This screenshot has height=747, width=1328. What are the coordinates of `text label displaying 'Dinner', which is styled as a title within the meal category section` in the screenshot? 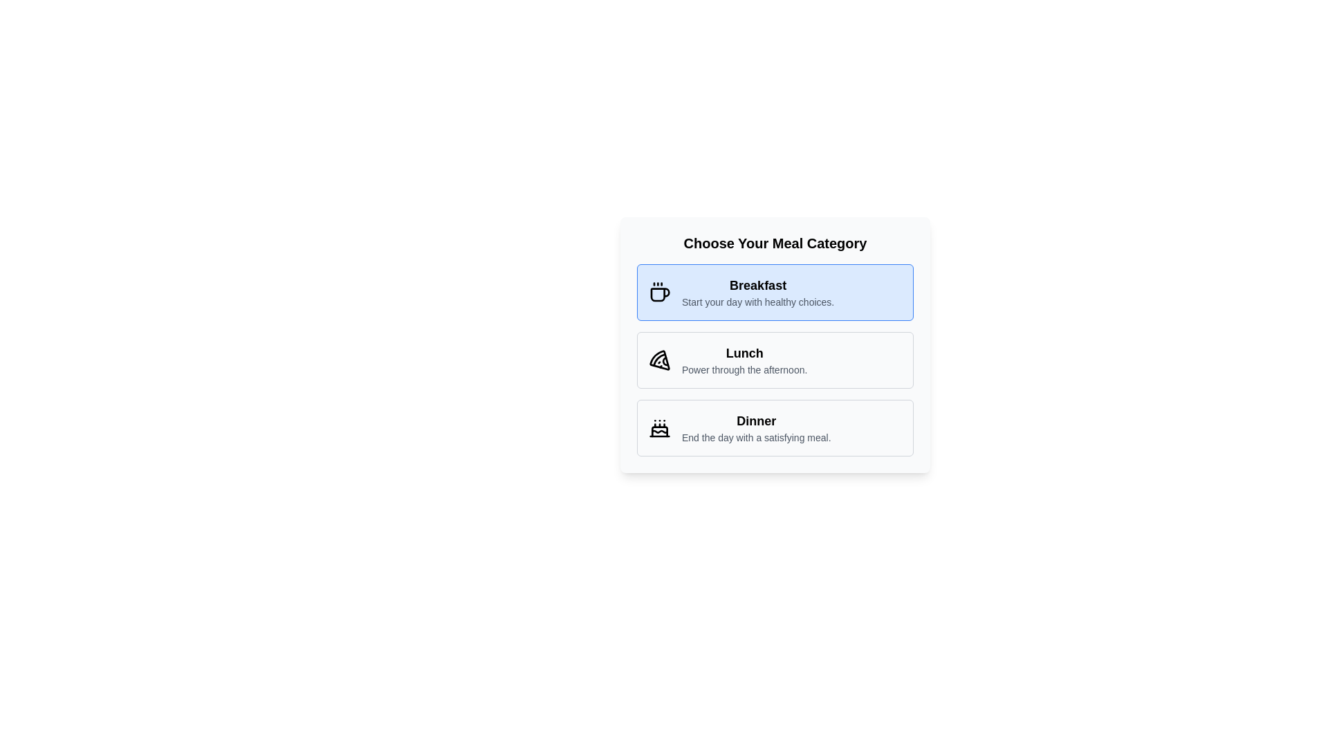 It's located at (755, 421).